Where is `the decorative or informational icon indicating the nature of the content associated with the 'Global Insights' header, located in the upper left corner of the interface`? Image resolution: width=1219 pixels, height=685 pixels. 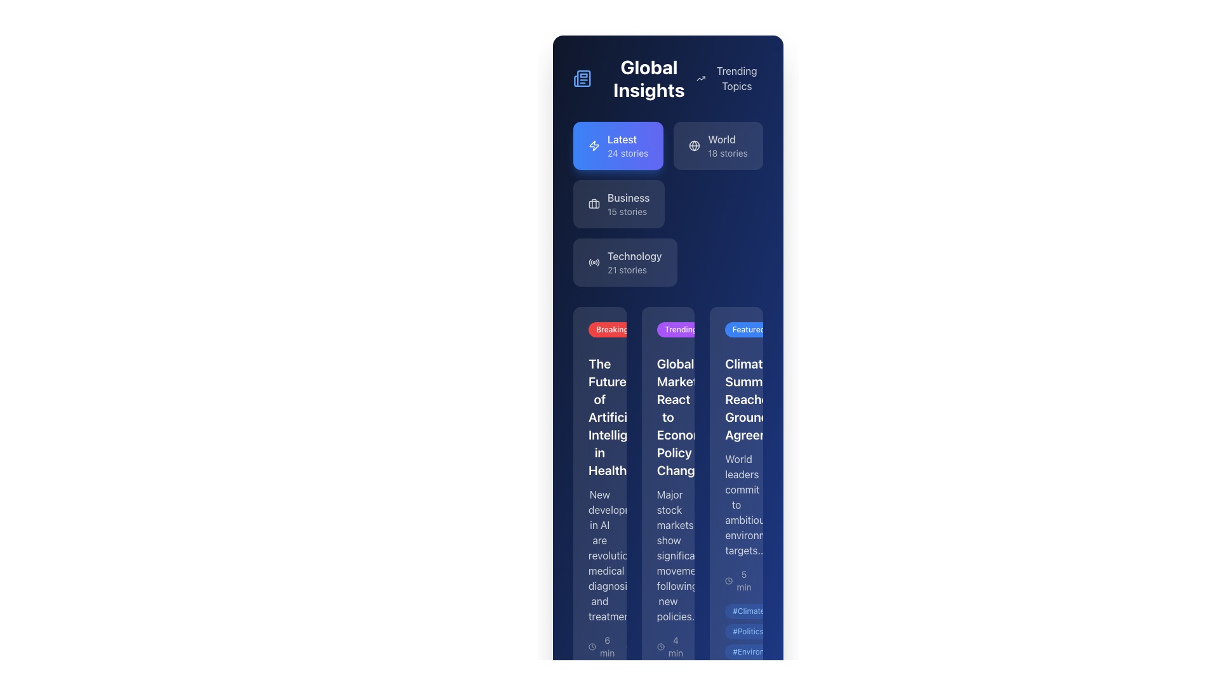 the decorative or informational icon indicating the nature of the content associated with the 'Global Insights' header, located in the upper left corner of the interface is located at coordinates (582, 78).